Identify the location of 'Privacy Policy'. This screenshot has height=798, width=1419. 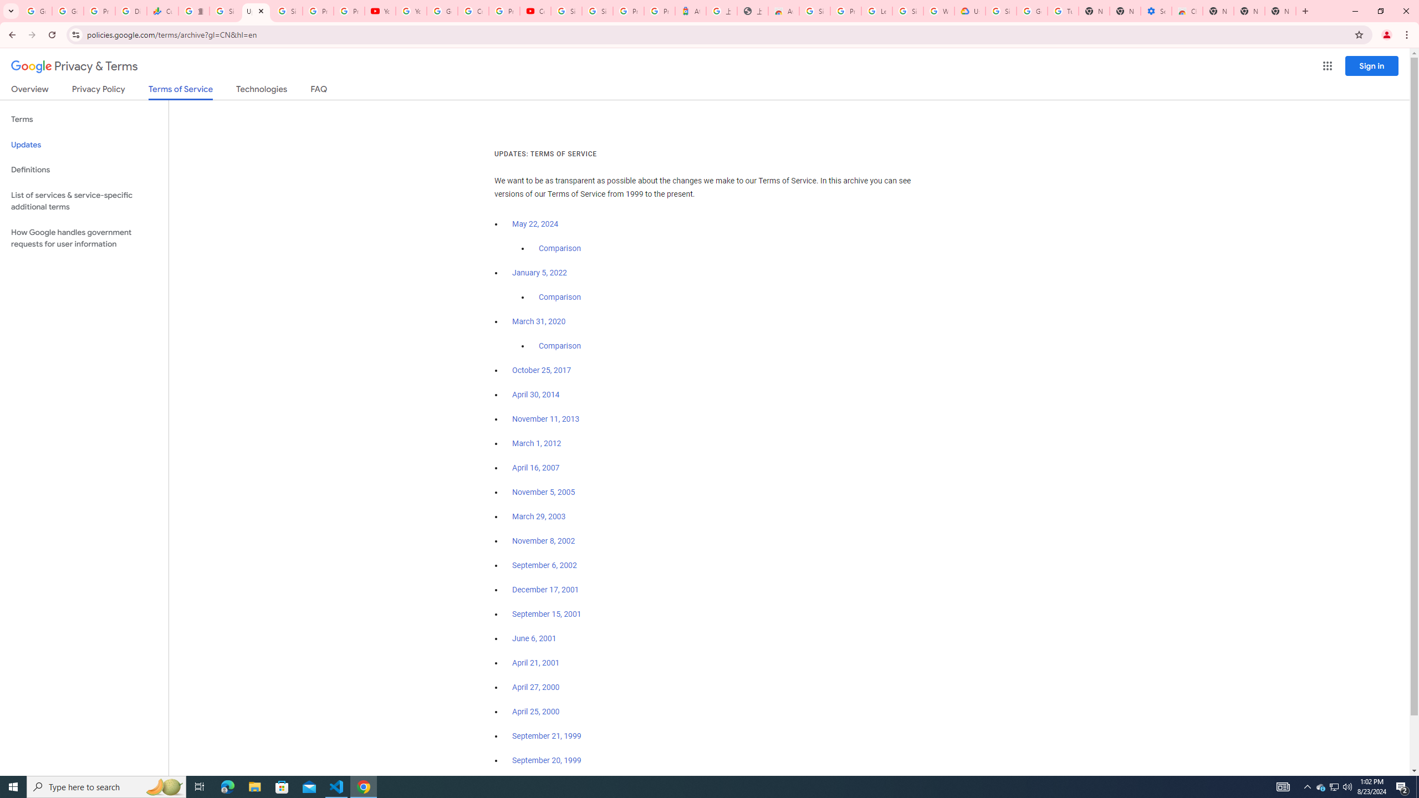
(97, 91).